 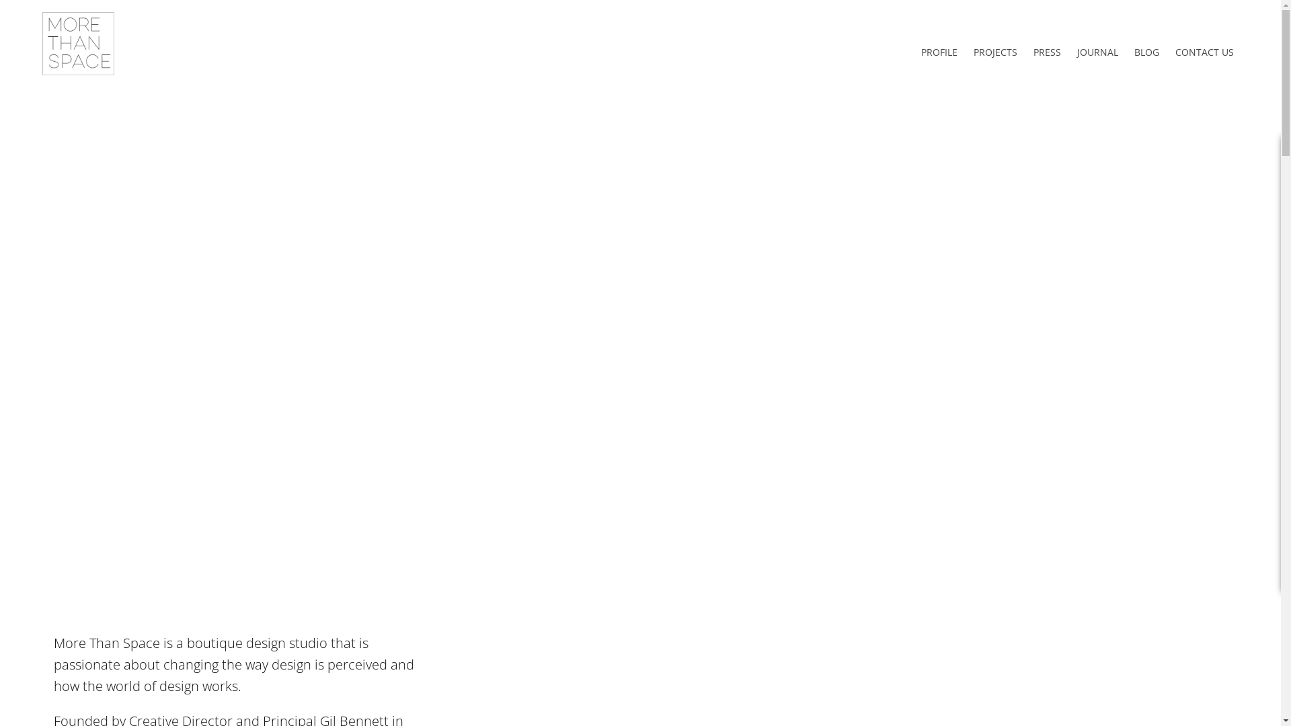 What do you see at coordinates (1097, 51) in the screenshot?
I see `'JOURNAL'` at bounding box center [1097, 51].